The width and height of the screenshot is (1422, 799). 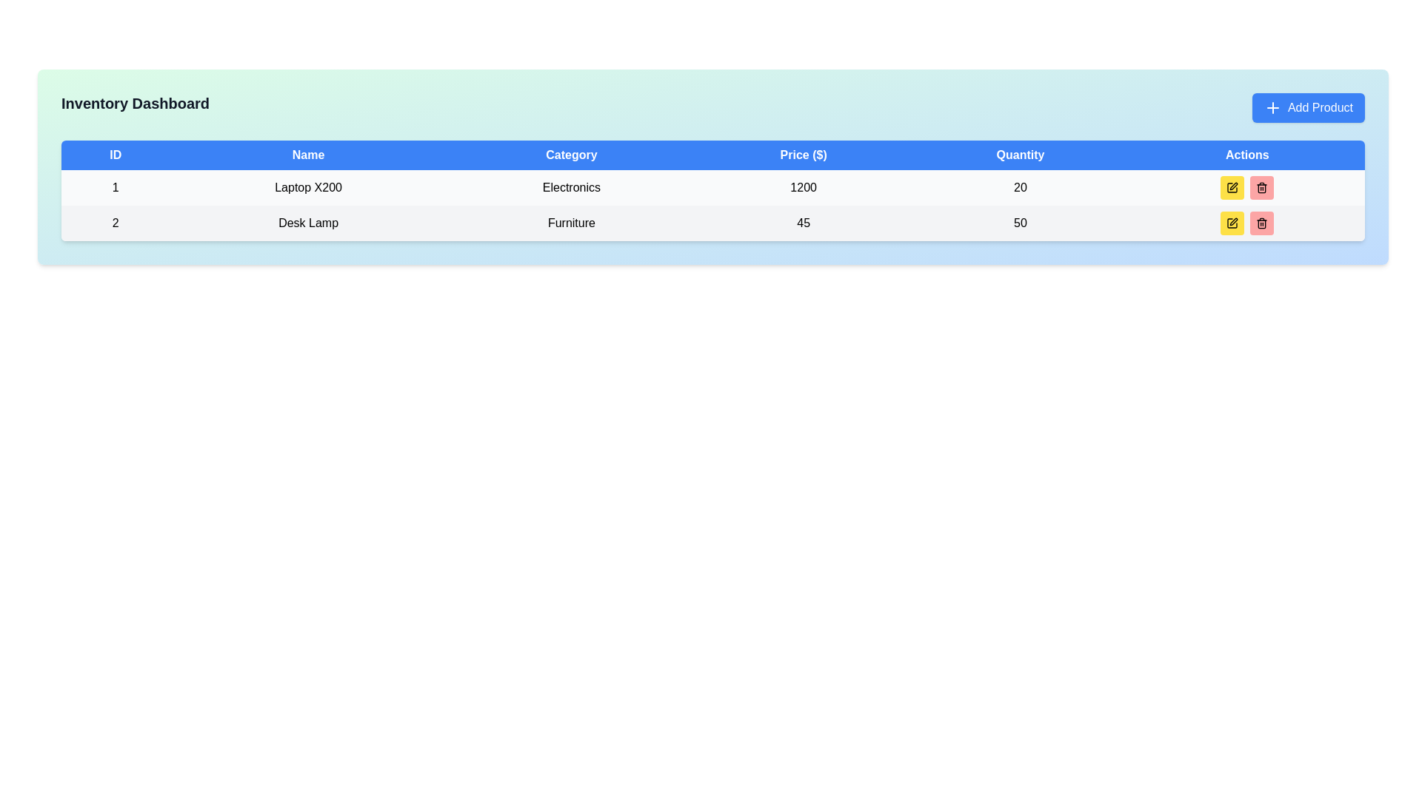 What do you see at coordinates (307, 187) in the screenshot?
I see `the text label displaying 'Laptop X200' in the inventory list, located in the first row under the 'Name' column` at bounding box center [307, 187].